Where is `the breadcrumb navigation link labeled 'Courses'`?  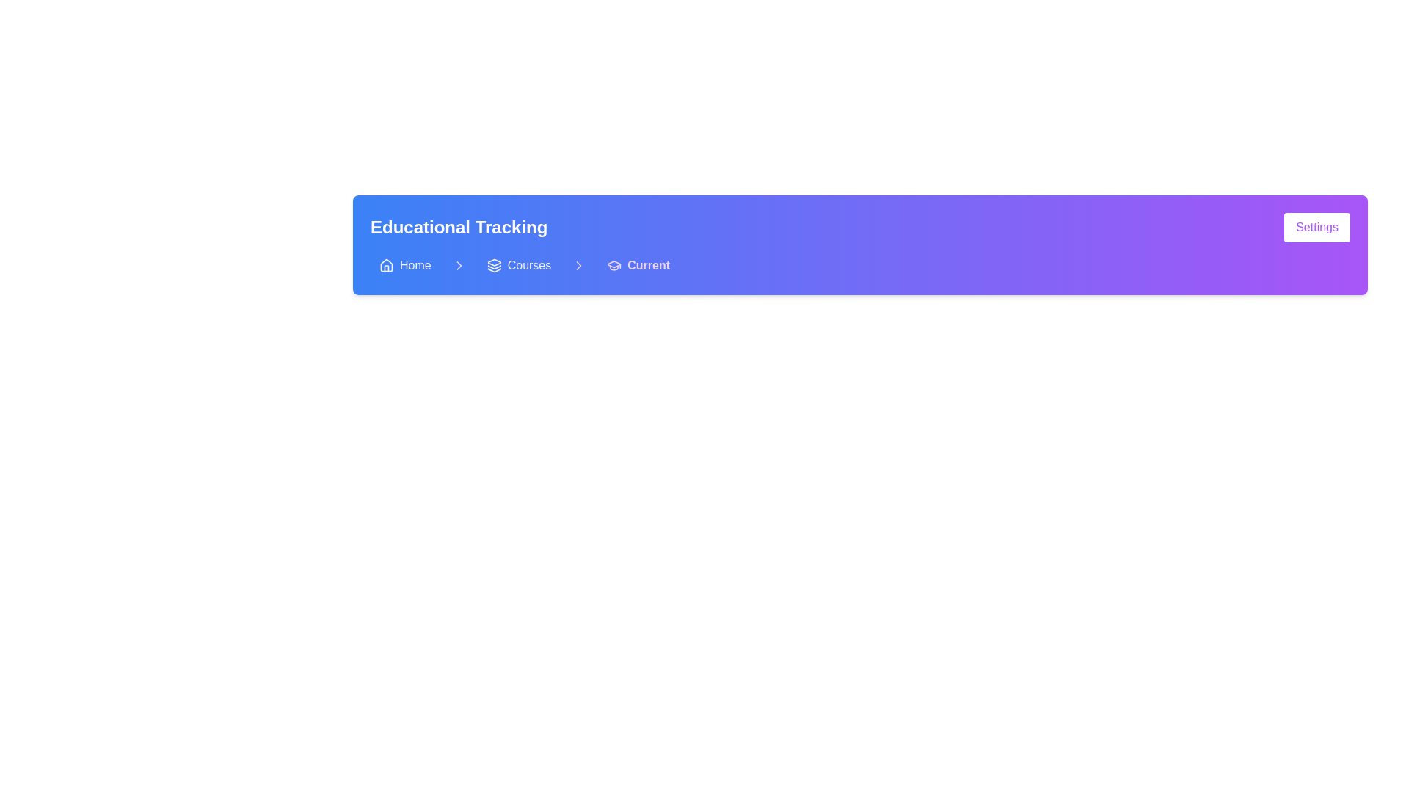
the breadcrumb navigation link labeled 'Courses' is located at coordinates (519, 266).